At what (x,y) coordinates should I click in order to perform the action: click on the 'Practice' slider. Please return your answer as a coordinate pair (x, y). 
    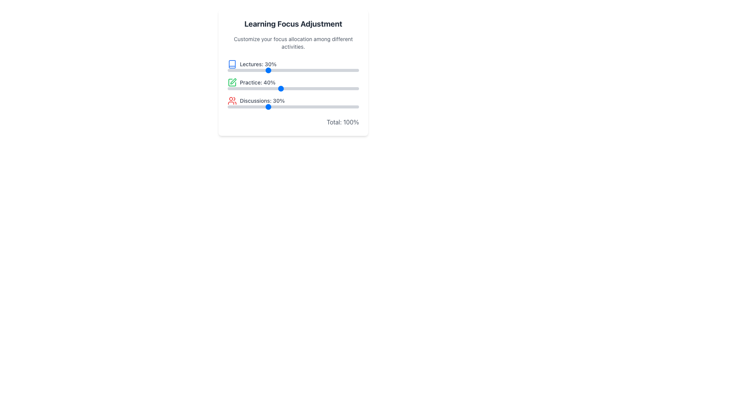
    Looking at the image, I should click on (228, 88).